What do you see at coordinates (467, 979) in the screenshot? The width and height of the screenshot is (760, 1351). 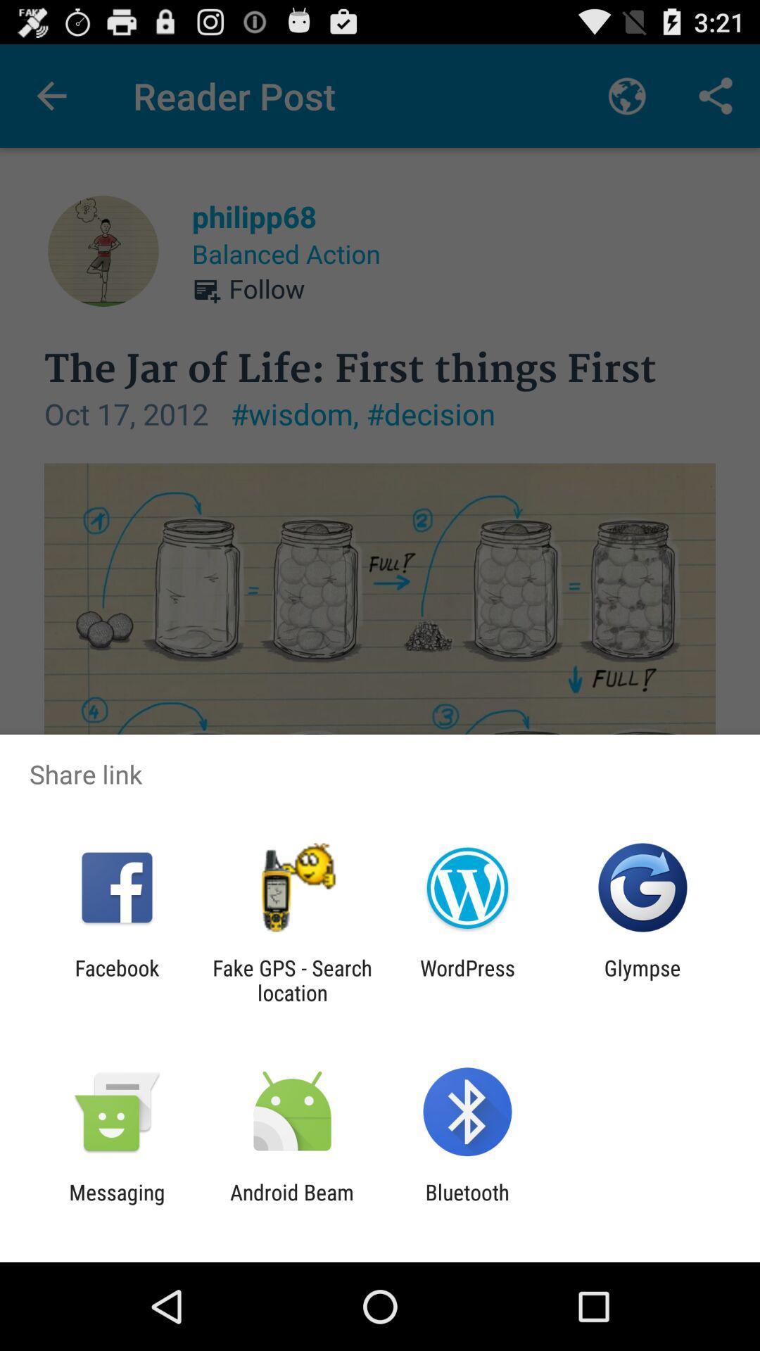 I see `item to the left of glympse` at bounding box center [467, 979].